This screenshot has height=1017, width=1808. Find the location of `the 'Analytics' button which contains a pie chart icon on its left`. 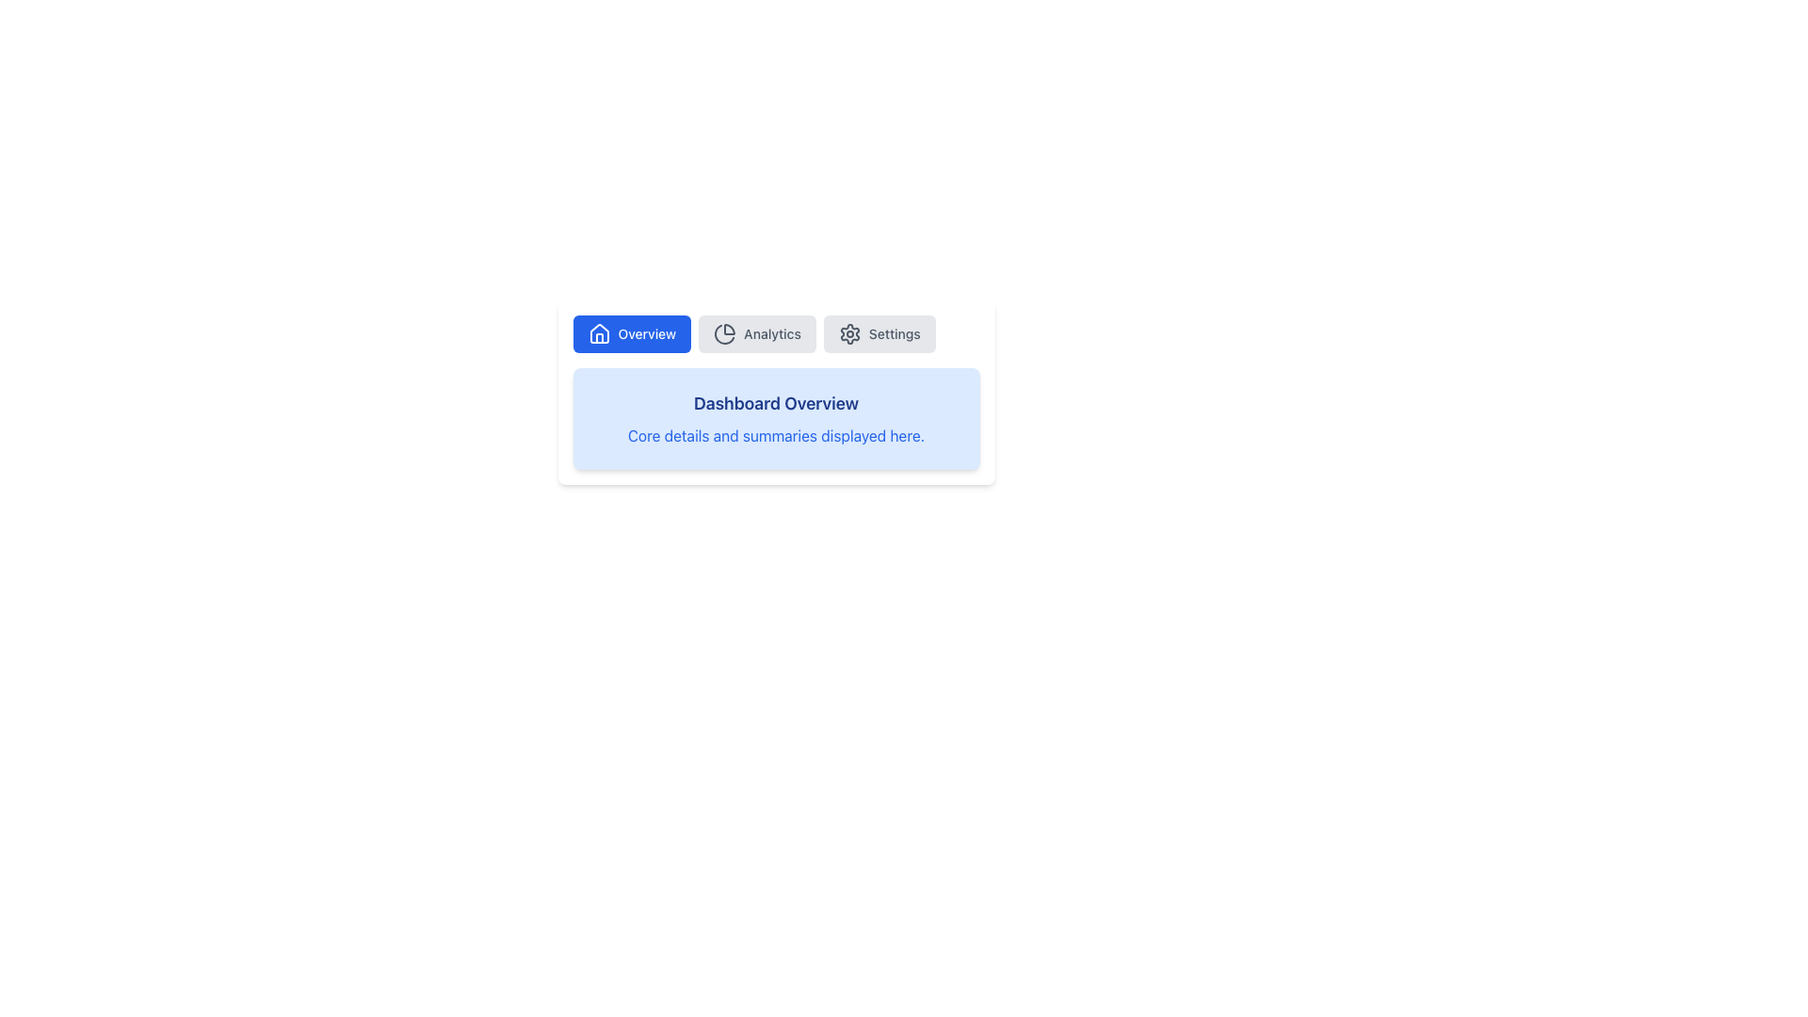

the 'Analytics' button which contains a pie chart icon on its left is located at coordinates (724, 332).